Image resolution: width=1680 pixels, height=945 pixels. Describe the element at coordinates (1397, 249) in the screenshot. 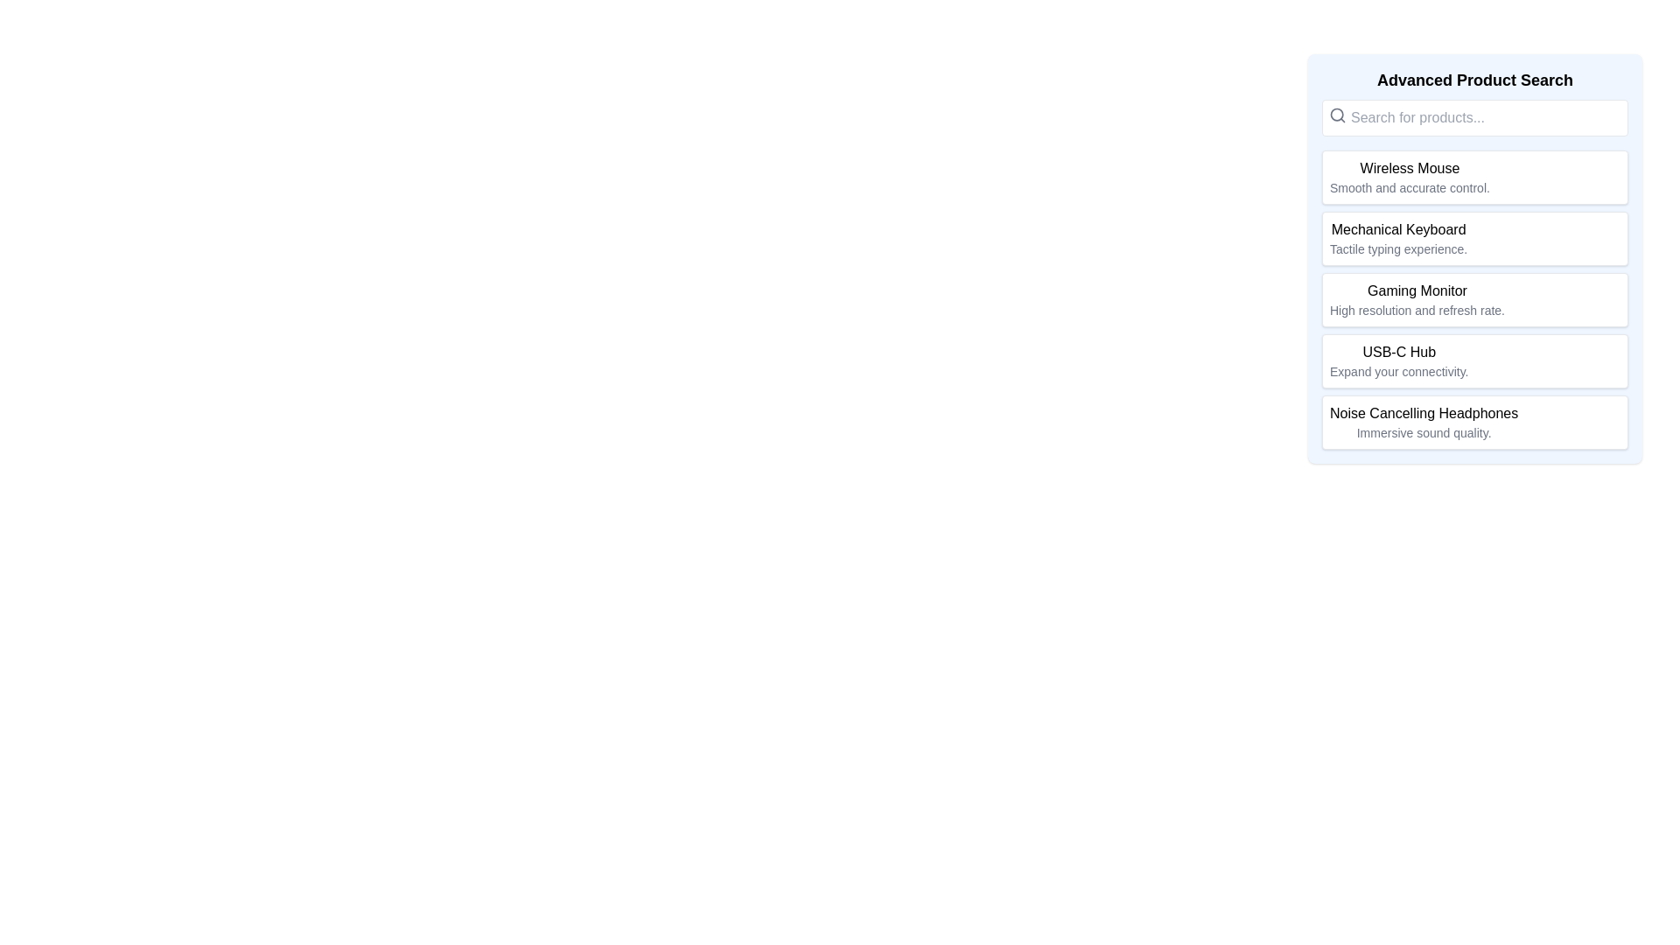

I see `the auxiliary description text label located below the 'Mechanical Keyboard' text to trigger potential tooltips` at that location.